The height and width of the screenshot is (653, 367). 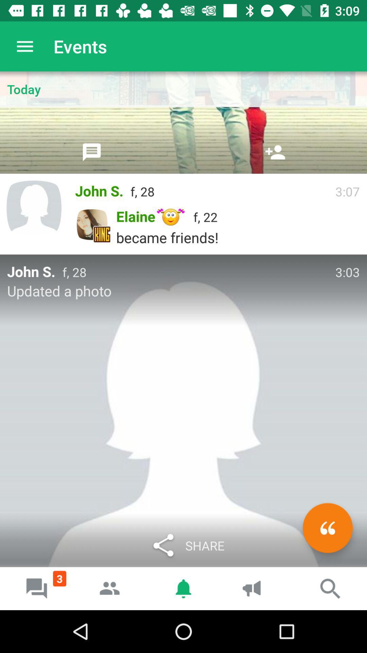 I want to click on person as friend, so click(x=275, y=152).